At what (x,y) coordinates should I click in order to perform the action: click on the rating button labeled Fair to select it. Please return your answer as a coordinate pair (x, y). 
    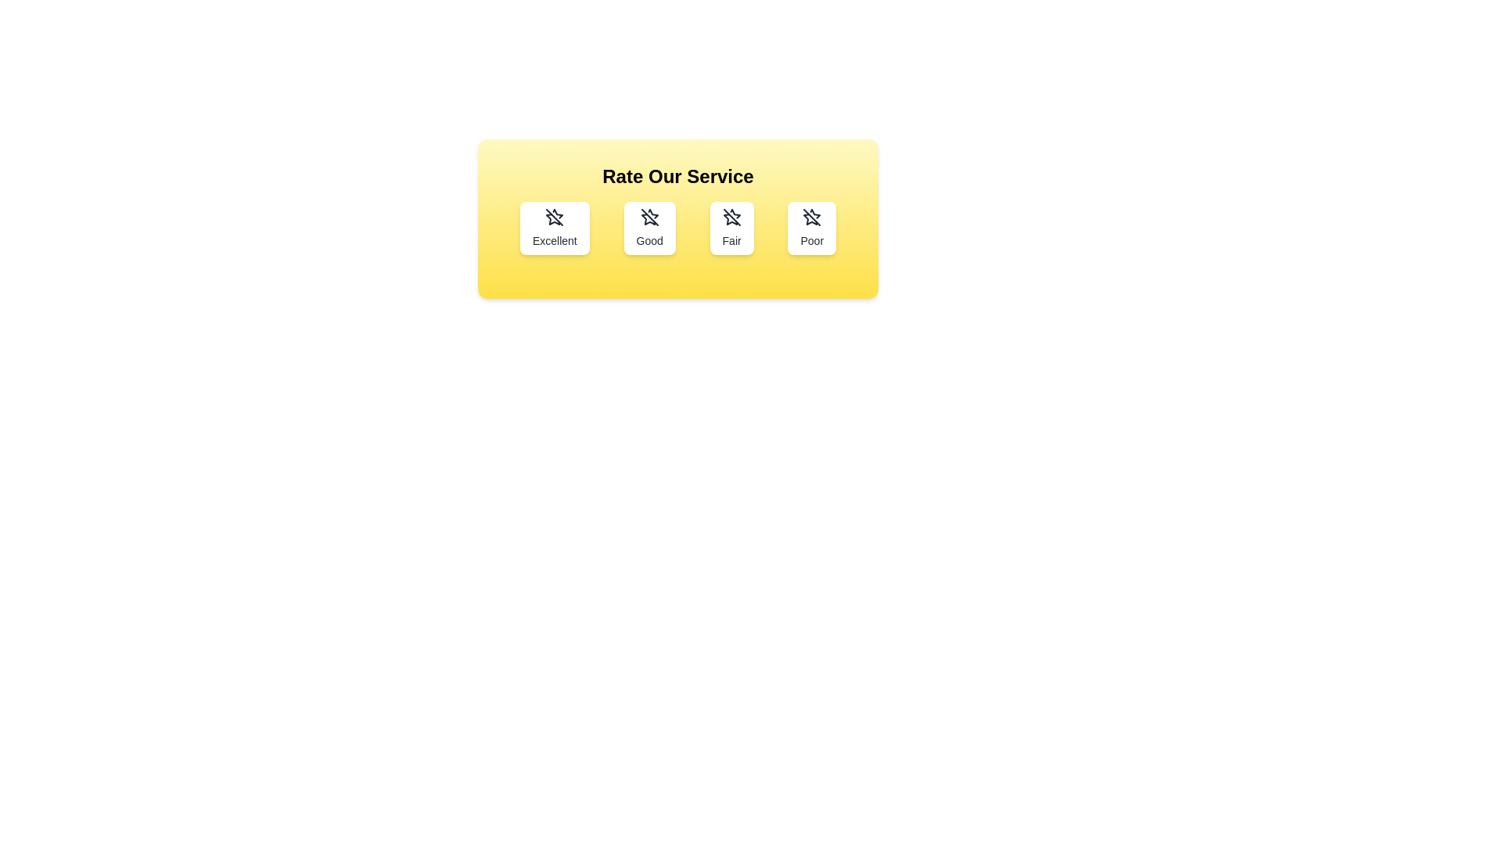
    Looking at the image, I should click on (731, 228).